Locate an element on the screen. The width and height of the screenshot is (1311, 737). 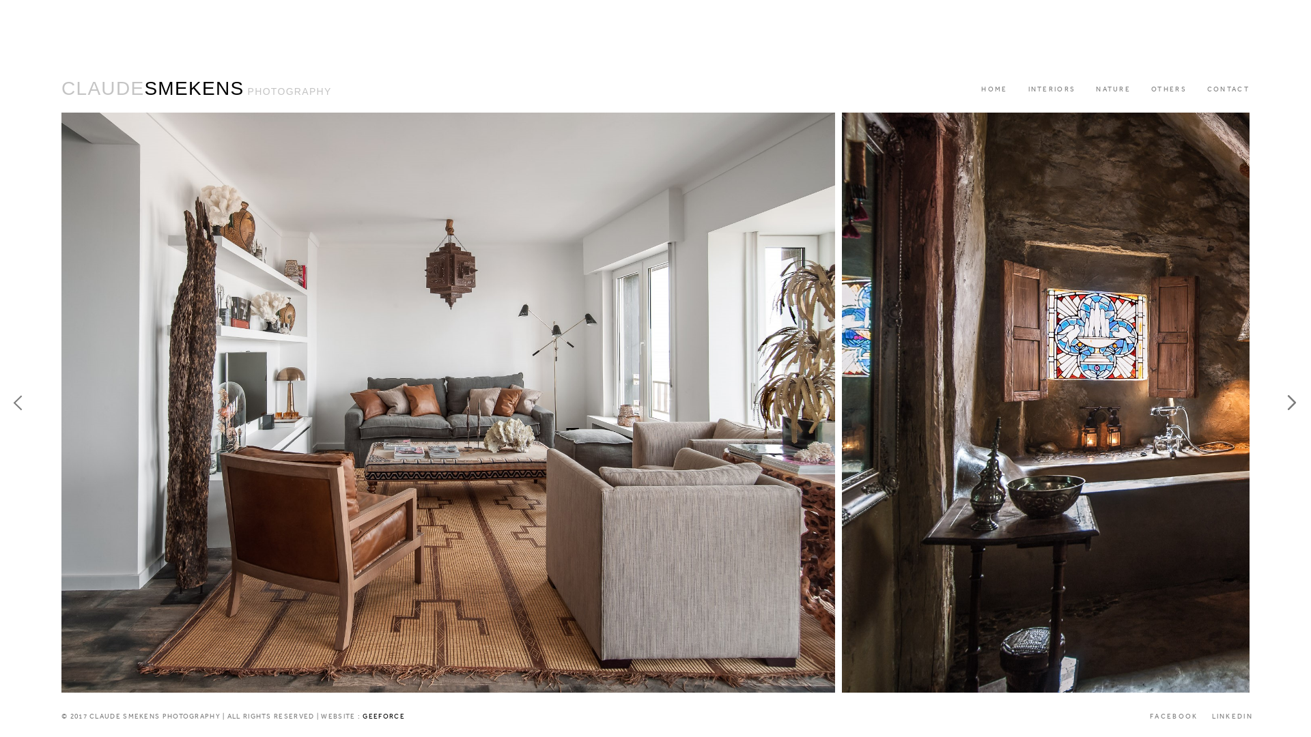
'HOME' is located at coordinates (993, 89).